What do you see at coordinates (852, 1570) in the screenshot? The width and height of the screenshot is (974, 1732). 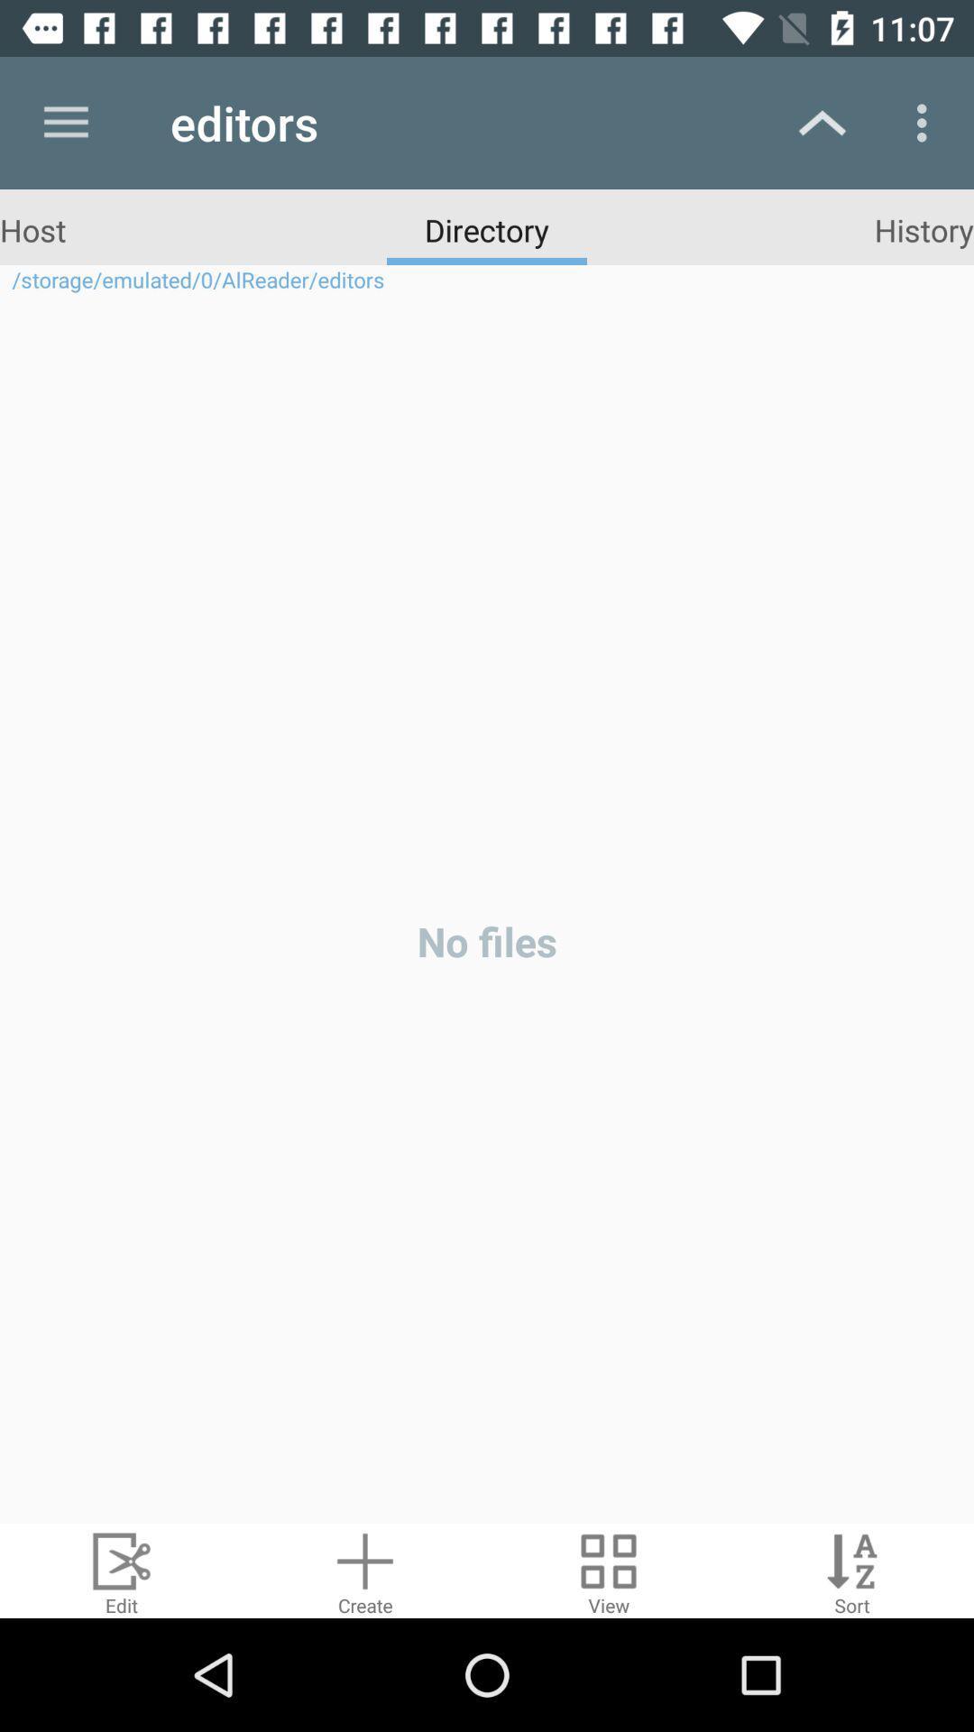 I see `sort alphabetically` at bounding box center [852, 1570].